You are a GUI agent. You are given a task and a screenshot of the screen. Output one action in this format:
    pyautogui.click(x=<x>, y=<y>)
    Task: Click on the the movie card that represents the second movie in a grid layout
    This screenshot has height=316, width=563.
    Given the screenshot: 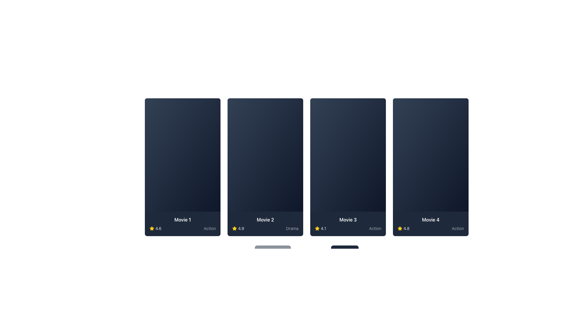 What is the action you would take?
    pyautogui.click(x=265, y=167)
    